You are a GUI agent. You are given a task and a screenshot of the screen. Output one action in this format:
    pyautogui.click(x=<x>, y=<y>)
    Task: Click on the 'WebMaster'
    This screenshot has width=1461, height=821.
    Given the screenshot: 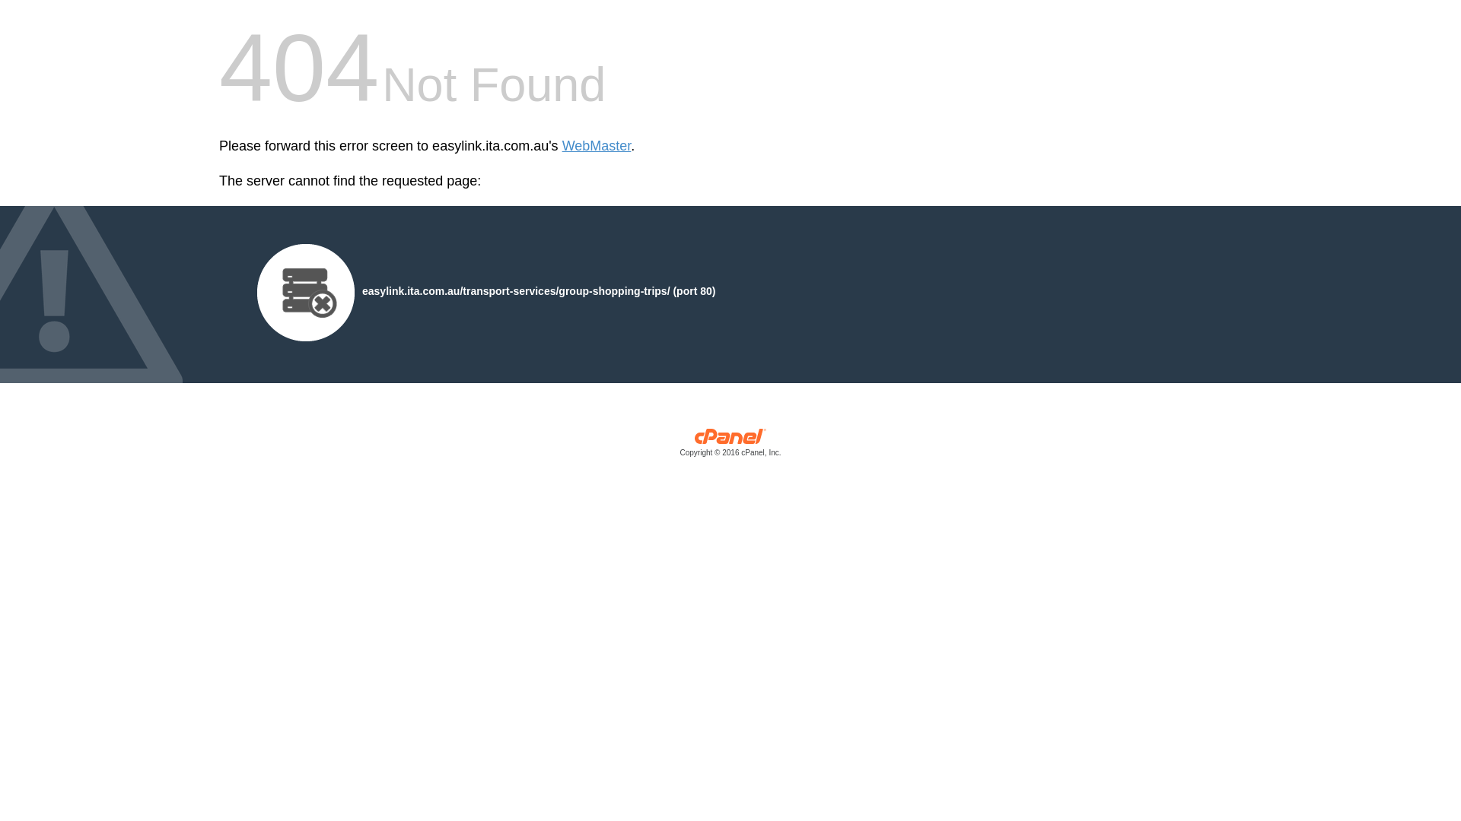 What is the action you would take?
    pyautogui.click(x=596, y=146)
    